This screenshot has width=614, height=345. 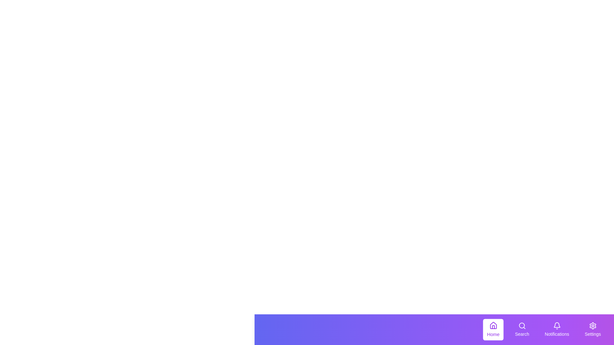 What do you see at coordinates (592, 330) in the screenshot?
I see `the Settings tab to switch to its view` at bounding box center [592, 330].